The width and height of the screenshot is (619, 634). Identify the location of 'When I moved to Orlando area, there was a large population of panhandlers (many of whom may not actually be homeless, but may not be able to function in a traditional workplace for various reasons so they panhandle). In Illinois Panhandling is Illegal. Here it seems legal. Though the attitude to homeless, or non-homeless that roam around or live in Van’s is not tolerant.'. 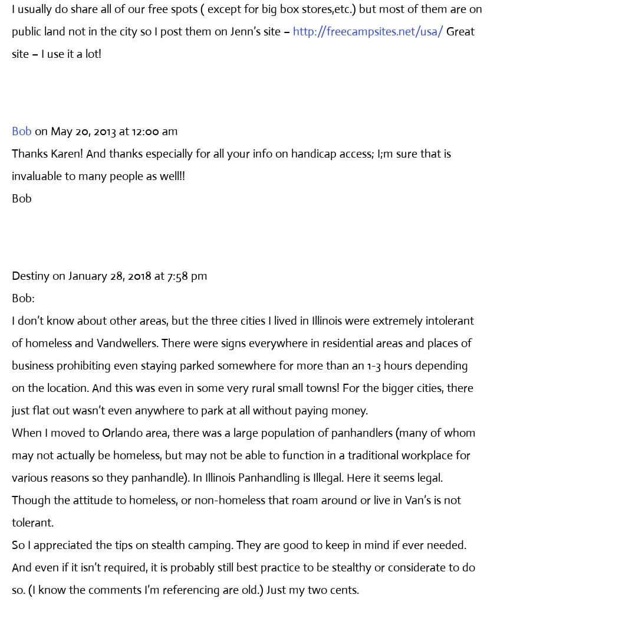
(243, 477).